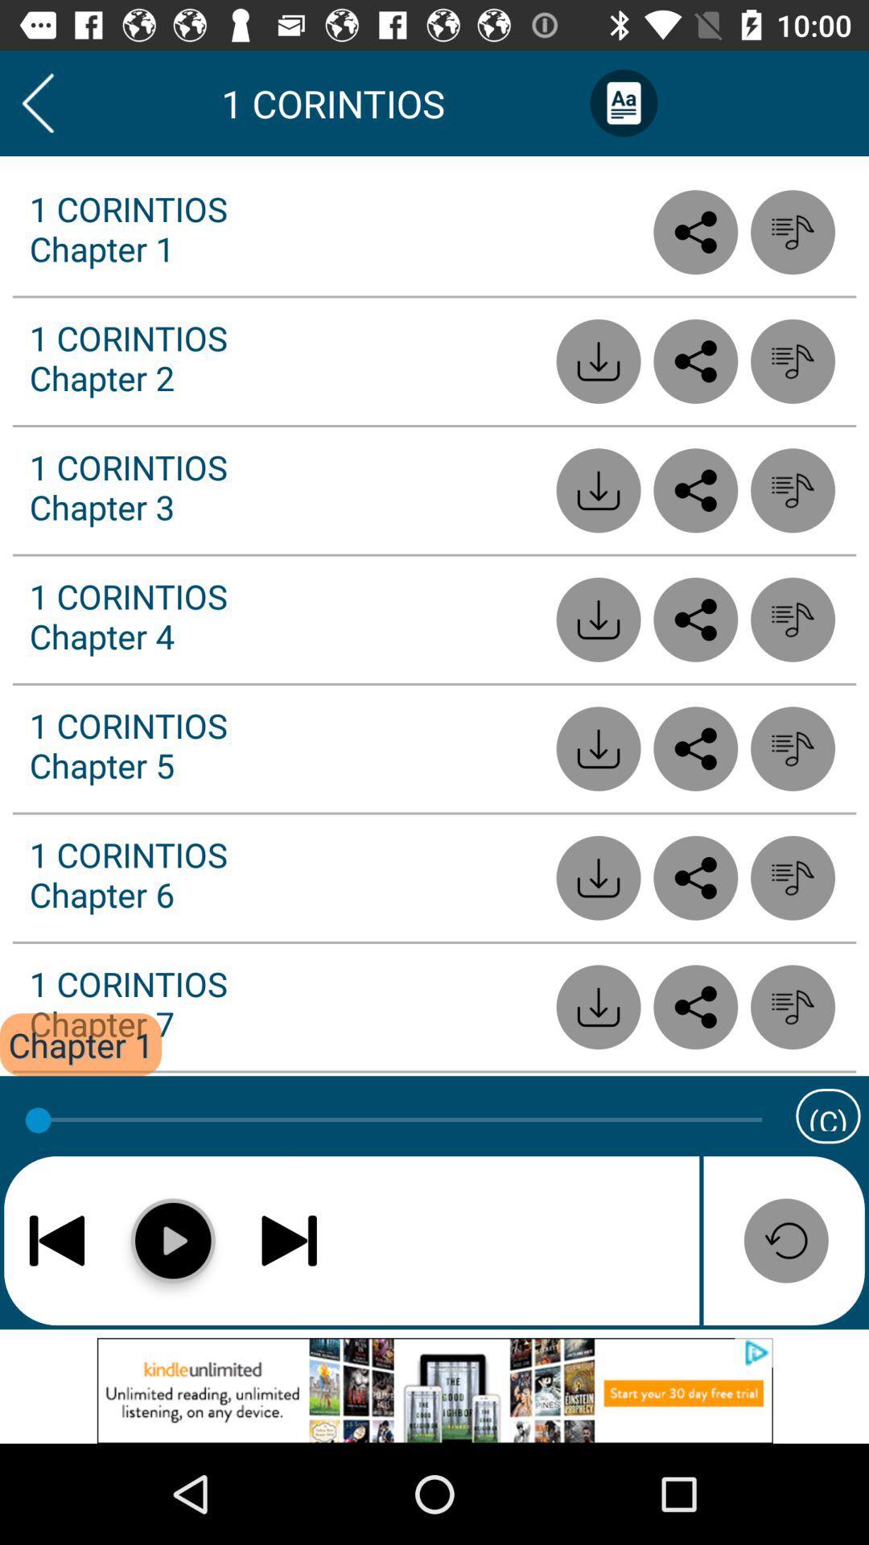 This screenshot has width=869, height=1545. Describe the element at coordinates (694, 360) in the screenshot. I see `share button` at that location.